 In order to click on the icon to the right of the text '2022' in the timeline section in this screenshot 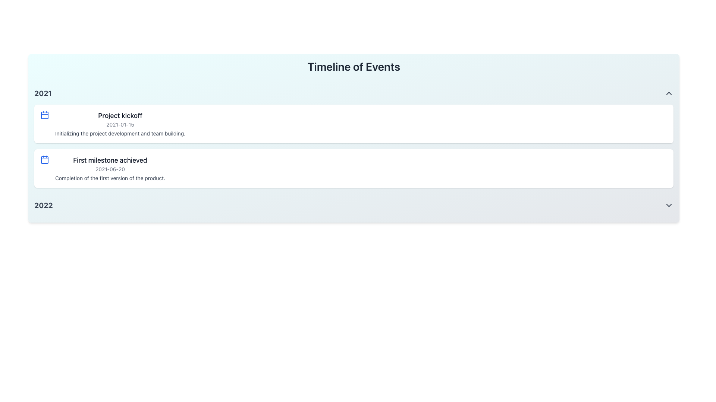, I will do `click(669, 205)`.